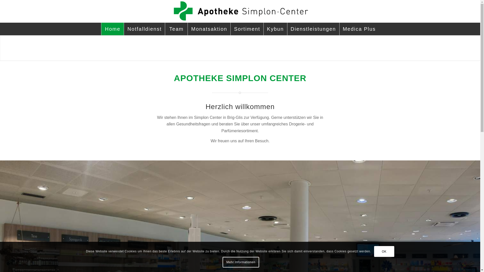  What do you see at coordinates (384, 252) in the screenshot?
I see `'OK'` at bounding box center [384, 252].